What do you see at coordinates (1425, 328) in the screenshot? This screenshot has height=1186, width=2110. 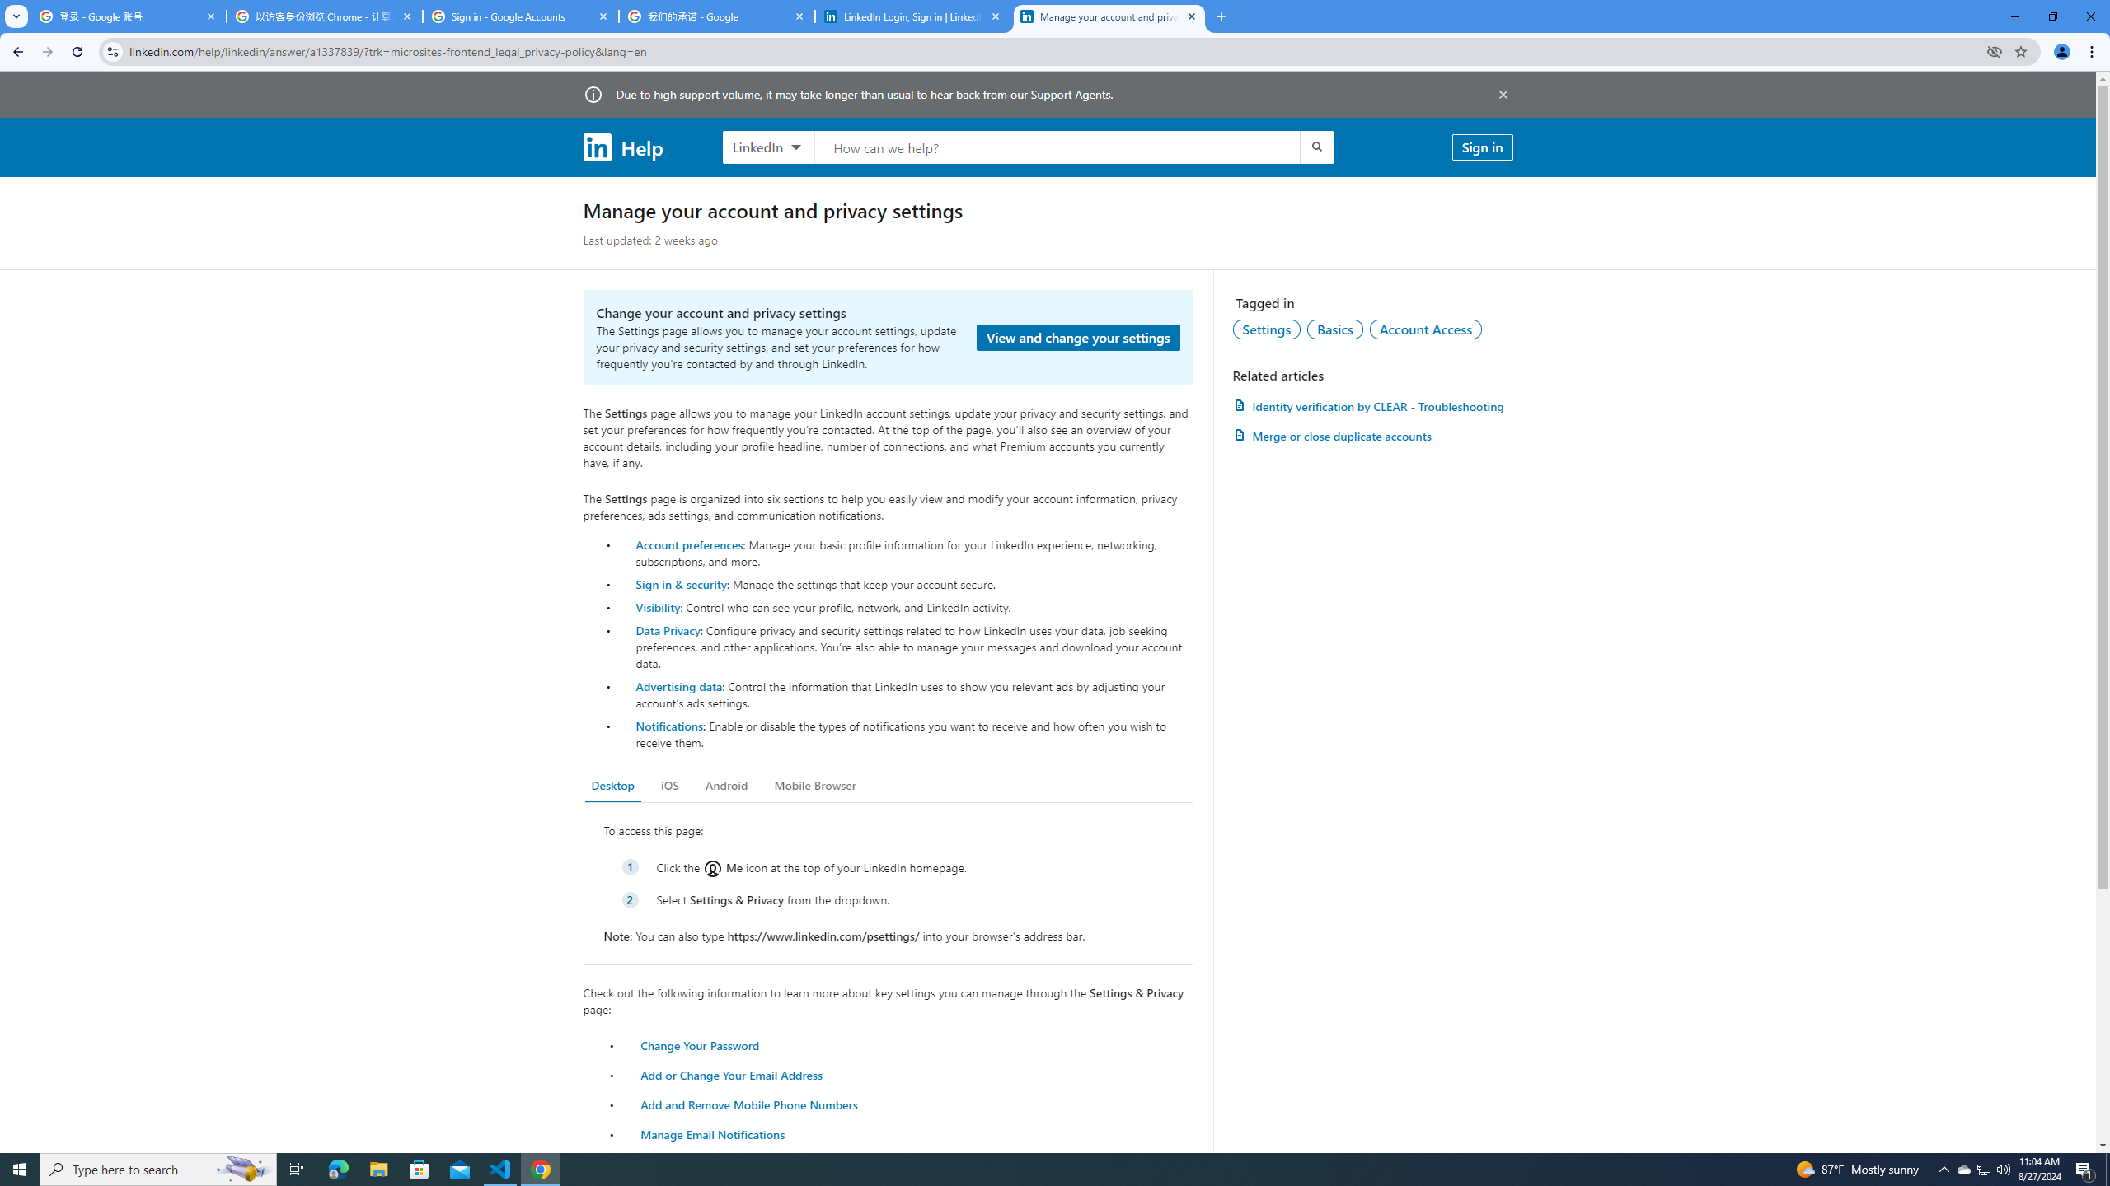 I see `'Account Access'` at bounding box center [1425, 328].